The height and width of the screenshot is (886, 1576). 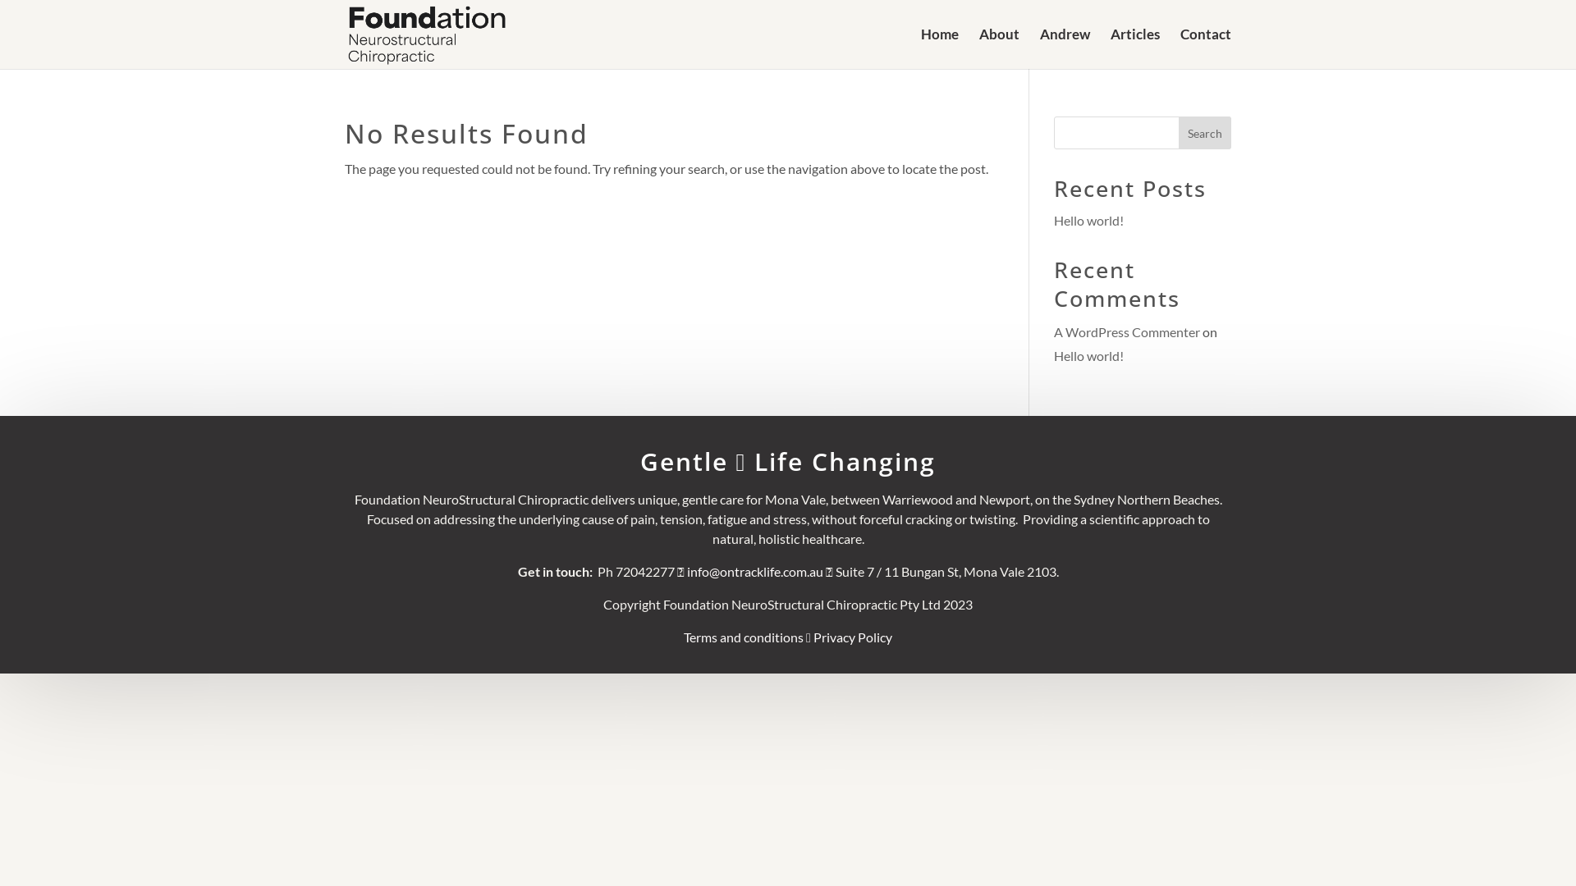 What do you see at coordinates (1065, 48) in the screenshot?
I see `'Andrew'` at bounding box center [1065, 48].